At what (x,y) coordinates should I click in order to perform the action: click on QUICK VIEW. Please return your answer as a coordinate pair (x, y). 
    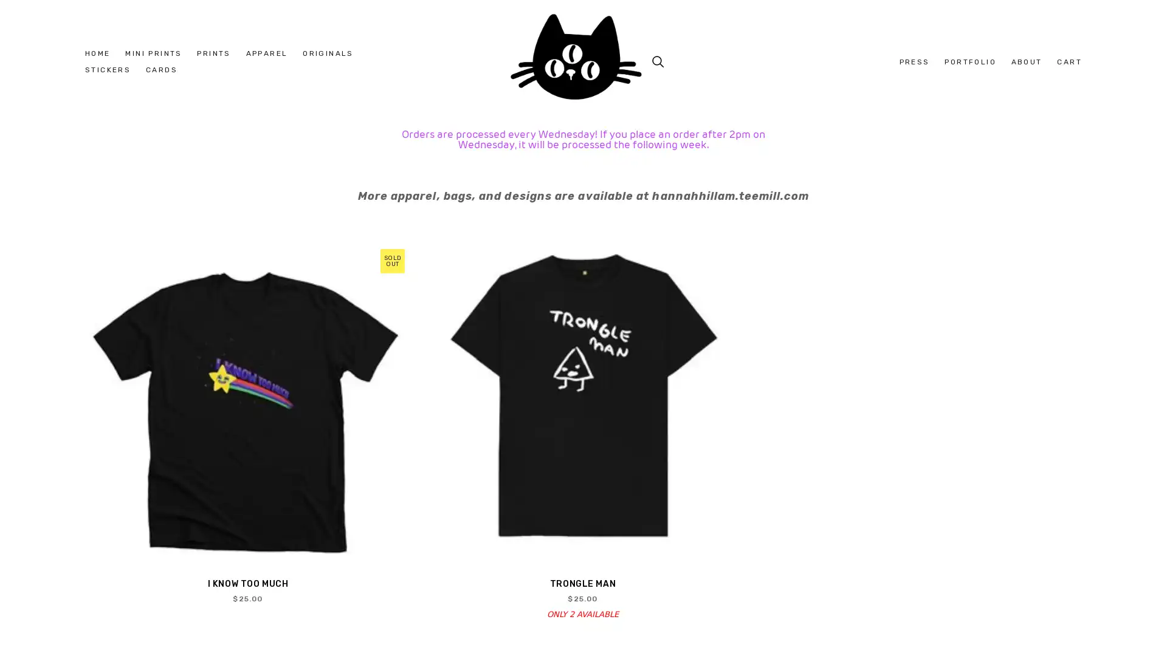
    Looking at the image, I should click on (582, 431).